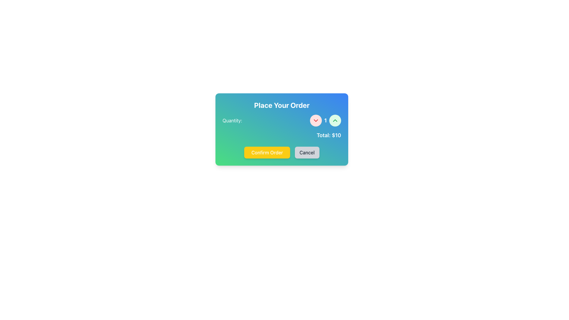  I want to click on the downward pointing red chevron icon located within a light red circular button to decrease the quantity, so click(316, 120).